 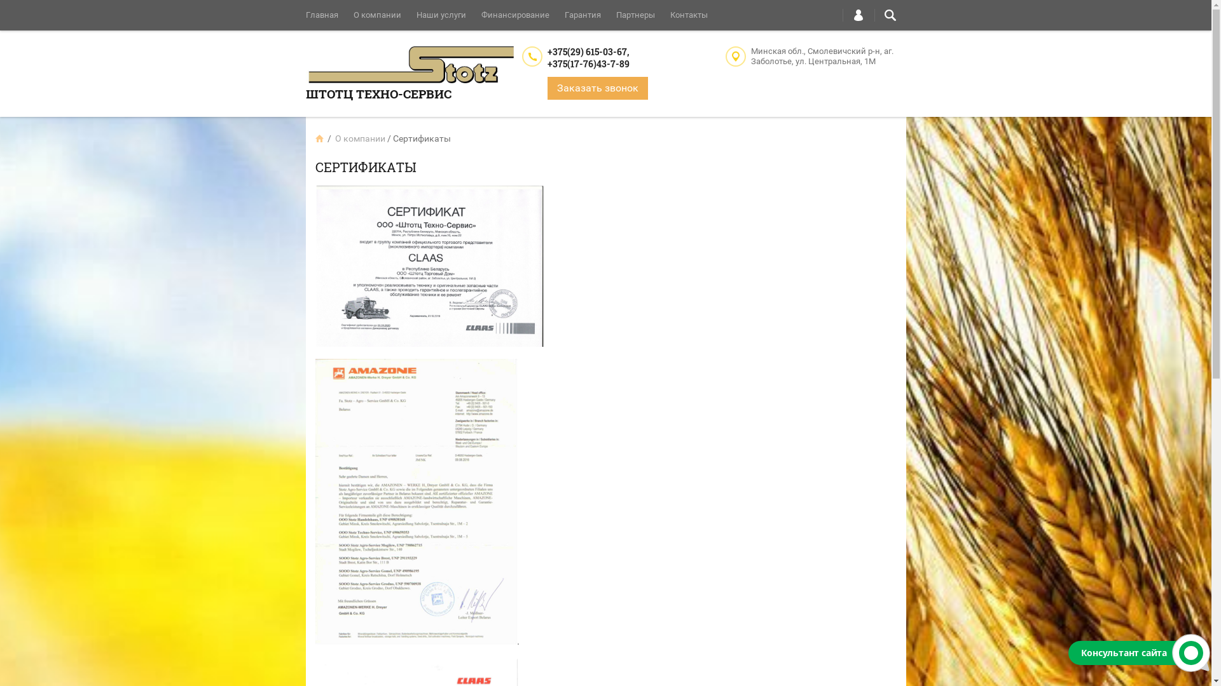 What do you see at coordinates (546, 51) in the screenshot?
I see `'+375(29) 615-03-67,'` at bounding box center [546, 51].